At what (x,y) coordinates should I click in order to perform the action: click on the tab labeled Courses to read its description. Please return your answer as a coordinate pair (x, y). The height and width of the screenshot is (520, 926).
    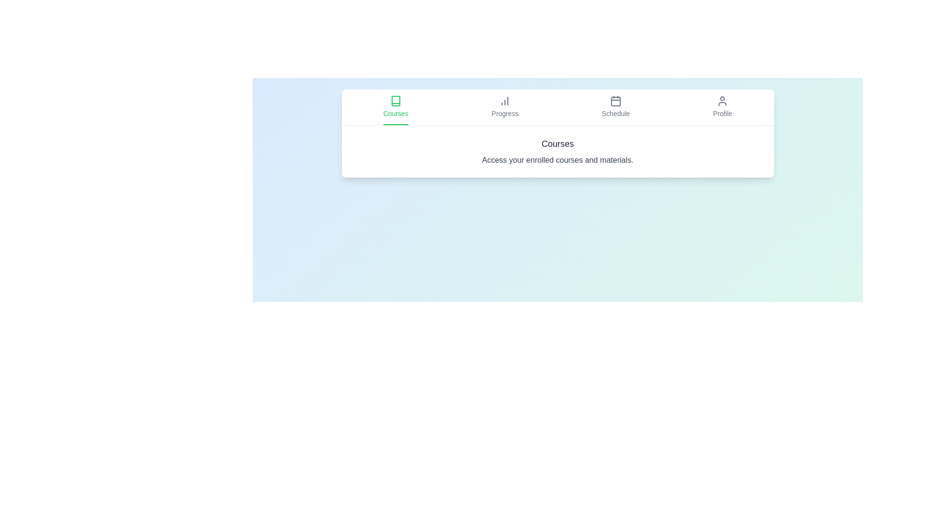
    Looking at the image, I should click on (395, 107).